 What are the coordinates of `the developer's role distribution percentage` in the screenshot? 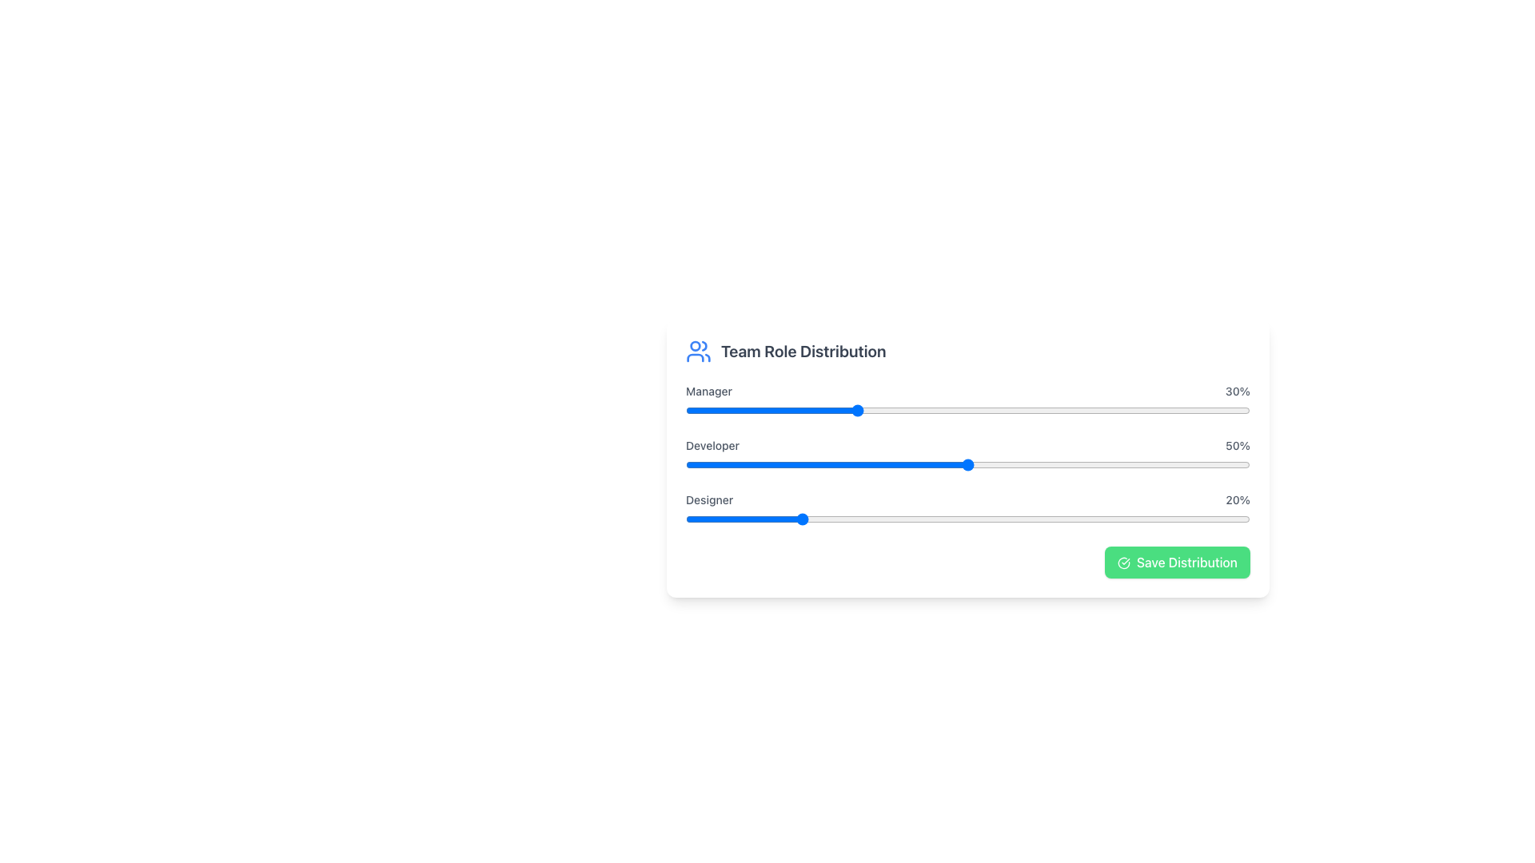 It's located at (1024, 465).